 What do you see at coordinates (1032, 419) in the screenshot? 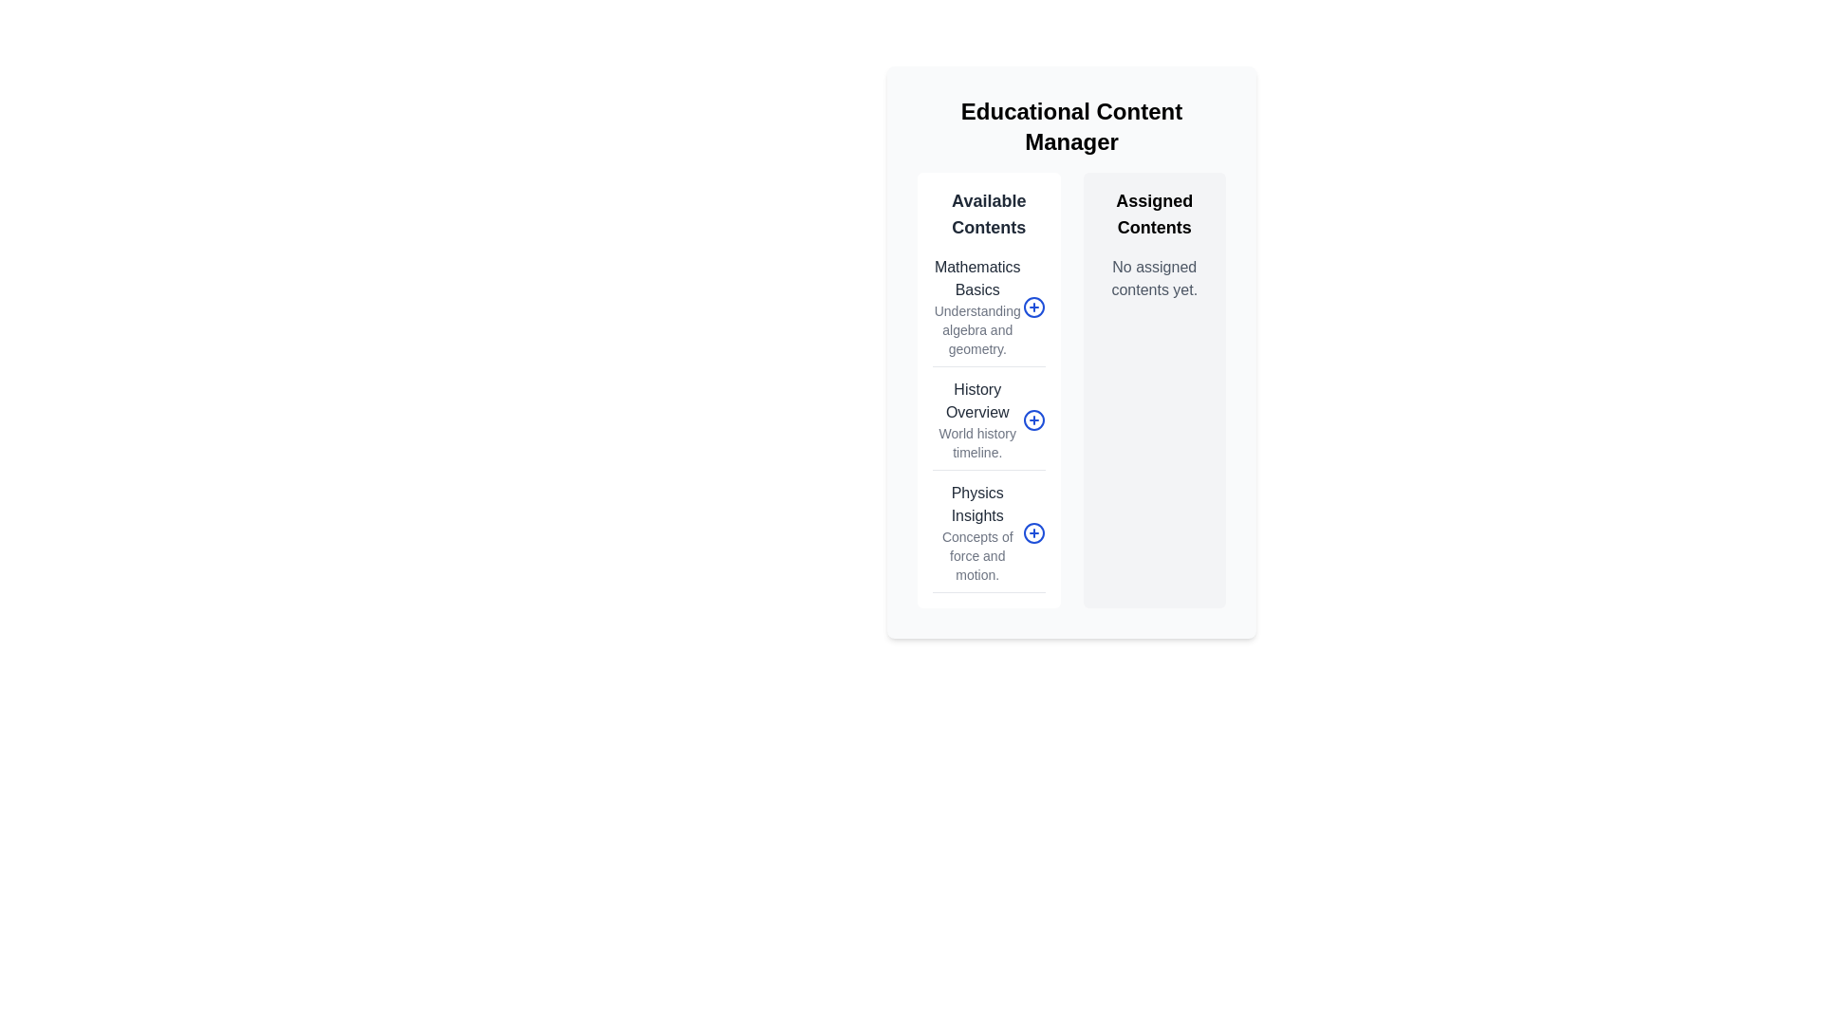
I see `the circular outline of the '+' icon associated with the 'History Overview' entry` at bounding box center [1032, 419].